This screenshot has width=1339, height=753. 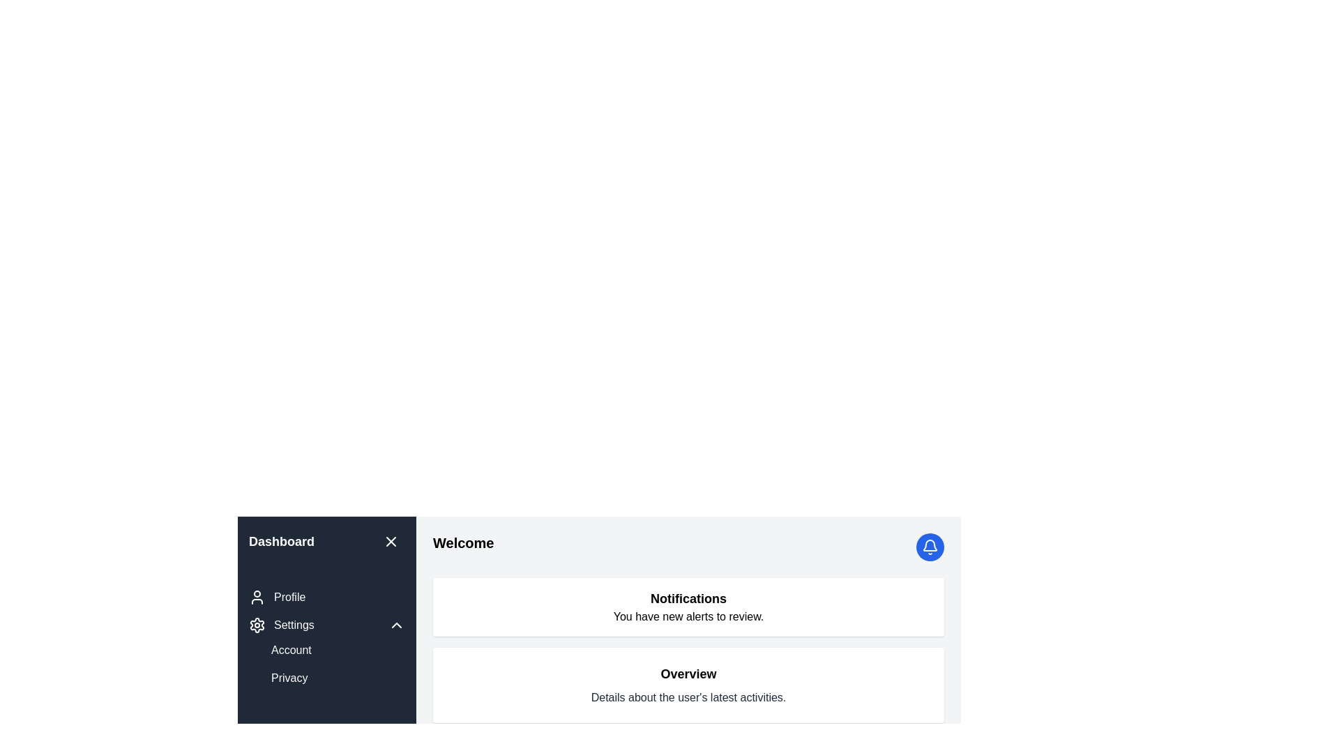 What do you see at coordinates (280, 625) in the screenshot?
I see `the 'Settings' button-like navigation item, which features a gear icon on the left and white text on a dark blue background` at bounding box center [280, 625].